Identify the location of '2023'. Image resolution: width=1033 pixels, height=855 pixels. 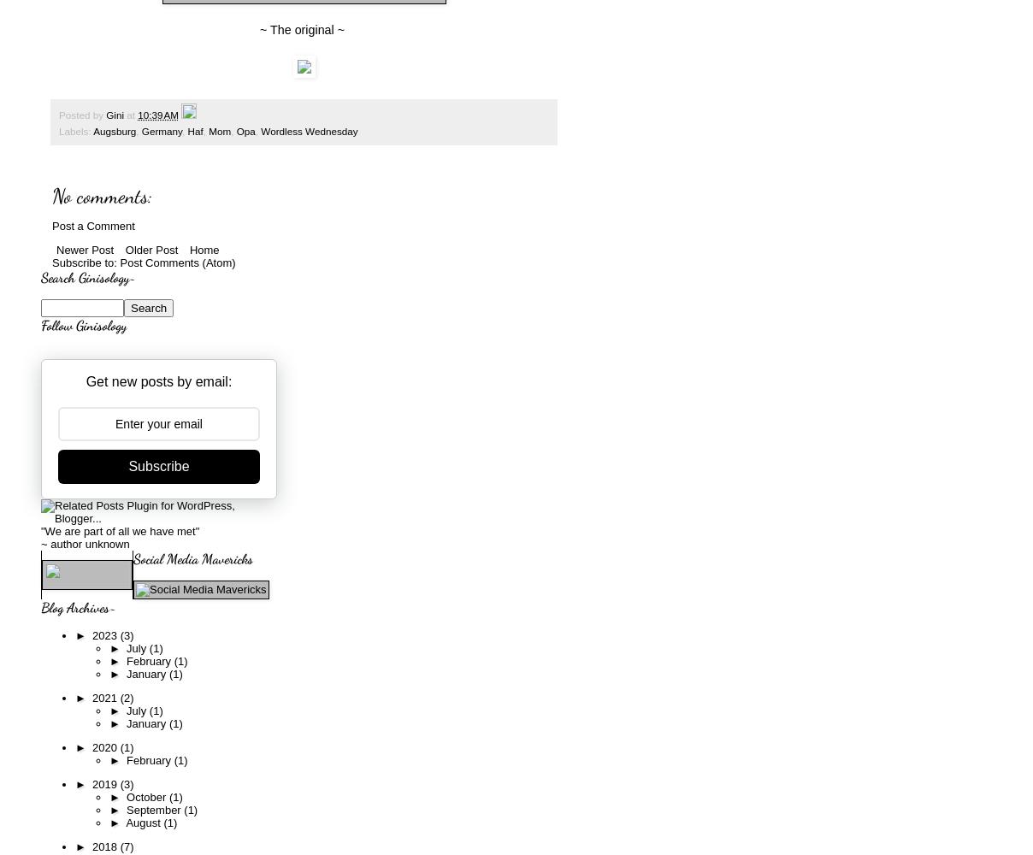
(104, 634).